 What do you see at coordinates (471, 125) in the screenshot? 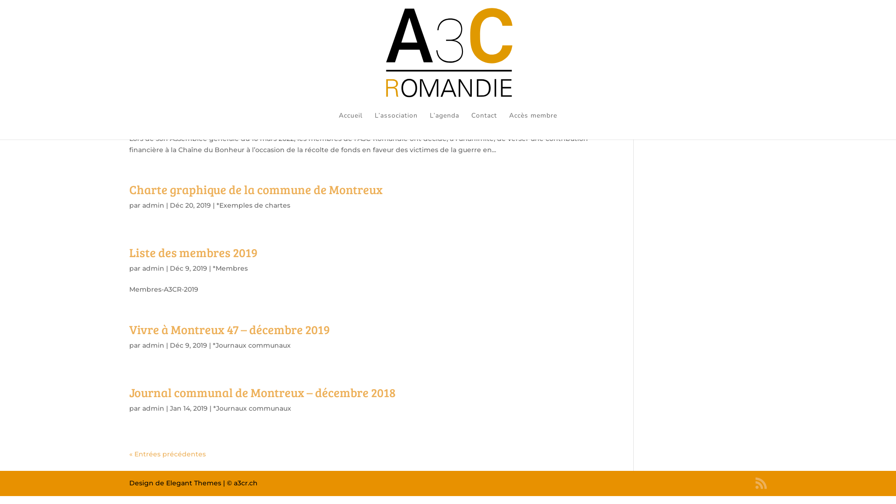
I see `'Contact'` at bounding box center [471, 125].